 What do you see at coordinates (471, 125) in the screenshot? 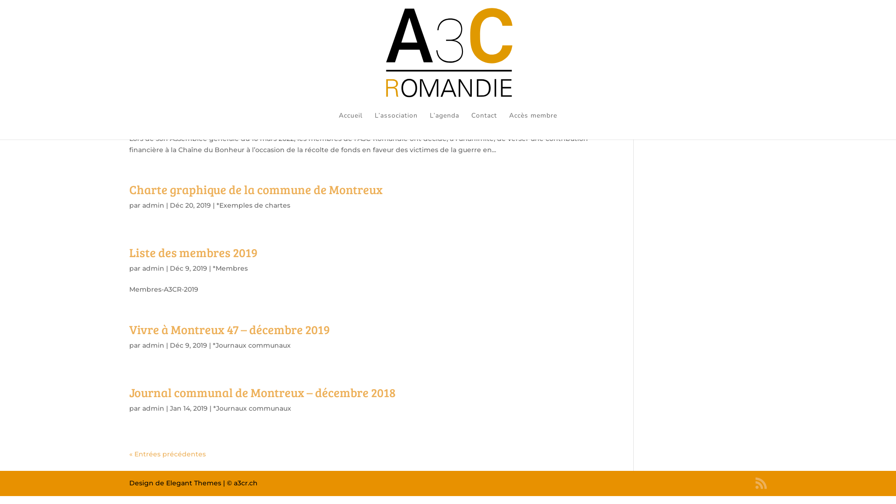
I see `'Contact'` at bounding box center [471, 125].